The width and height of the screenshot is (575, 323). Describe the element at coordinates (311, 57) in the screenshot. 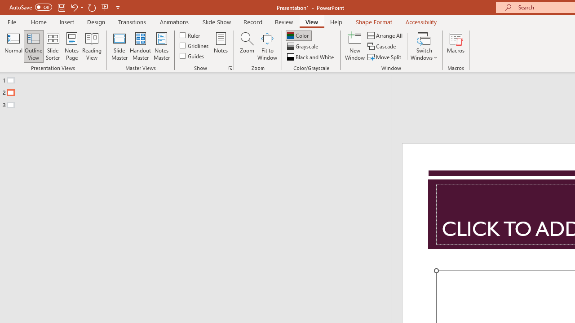

I see `'Black and White'` at that location.